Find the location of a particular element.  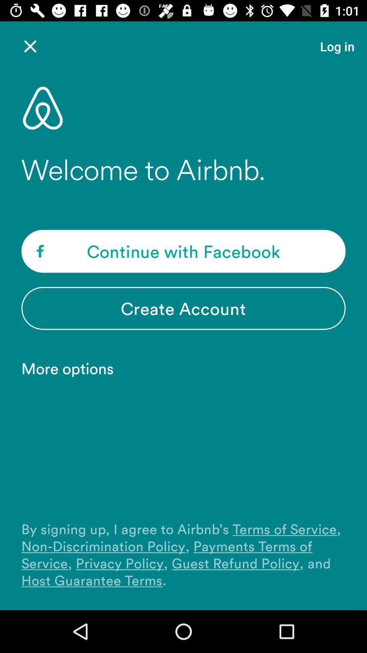

item above more options item is located at coordinates (183, 308).